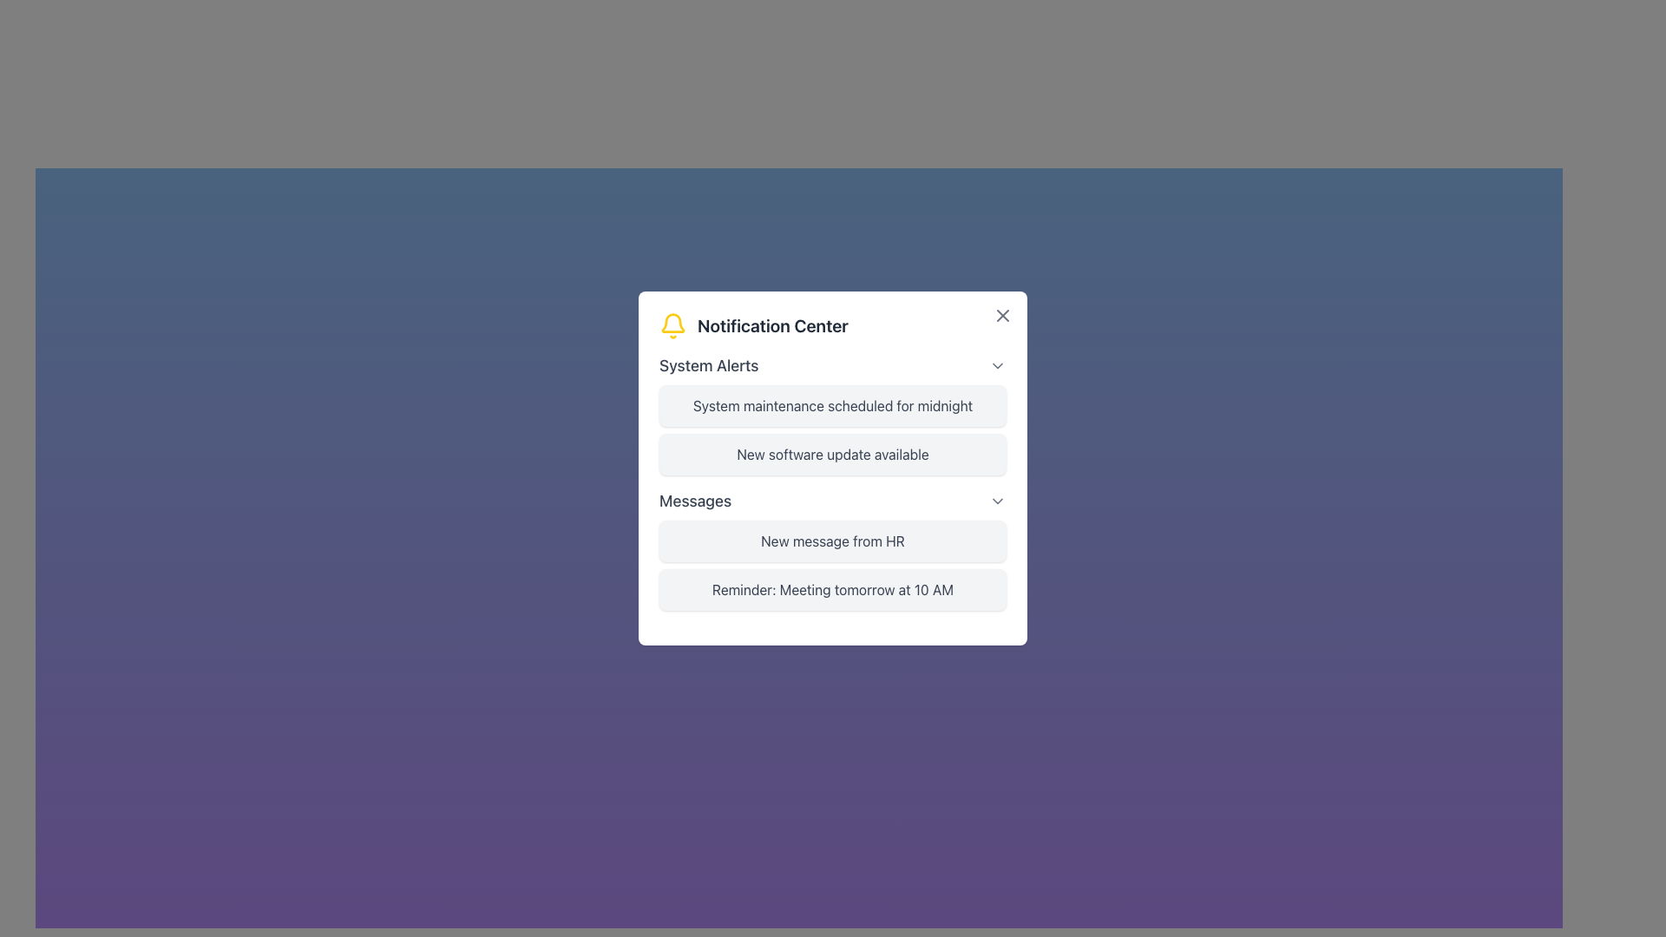 The image size is (1666, 937). What do you see at coordinates (833, 501) in the screenshot?
I see `the Dropdown Trigger located in the middle of the notification center interface, above 'New message from HR' and below 'New software update available'` at bounding box center [833, 501].